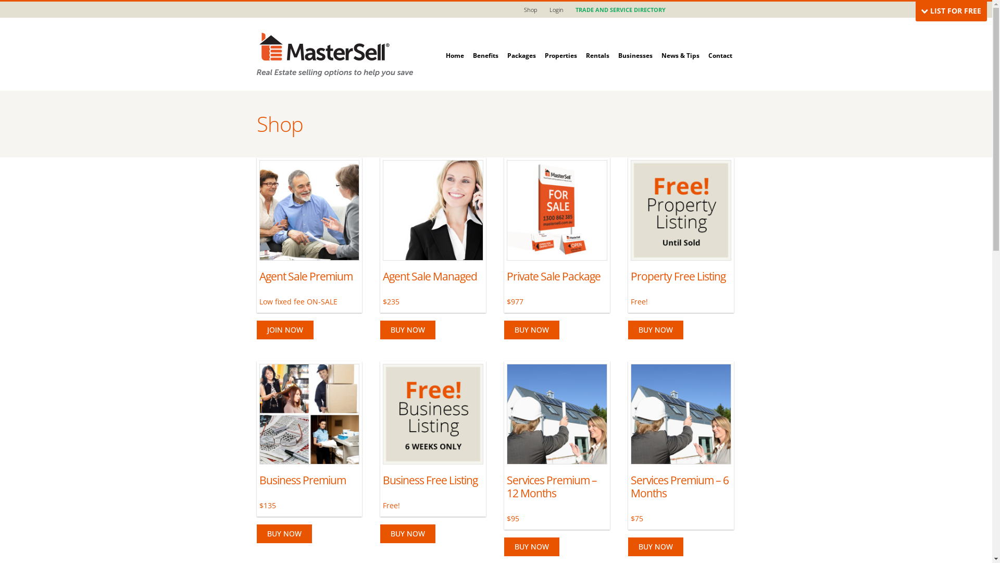 The height and width of the screenshot is (563, 1000). I want to click on 'Private Sale Package, so click(507, 232).